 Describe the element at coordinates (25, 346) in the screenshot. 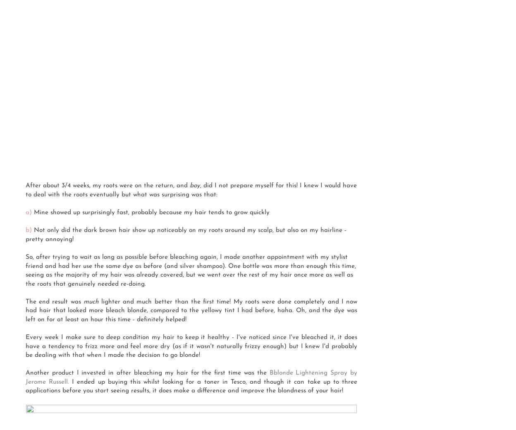

I see `'Every week I make sure to deep condition my hair to keep it healthy - I've noticed since I've bleached it, it does have a tendency to frizz more and feel more dry (as if it wasn't naturally frizzy enough) but I knew I'd probably be dealing with that when I made the decision to go blonde!'` at that location.